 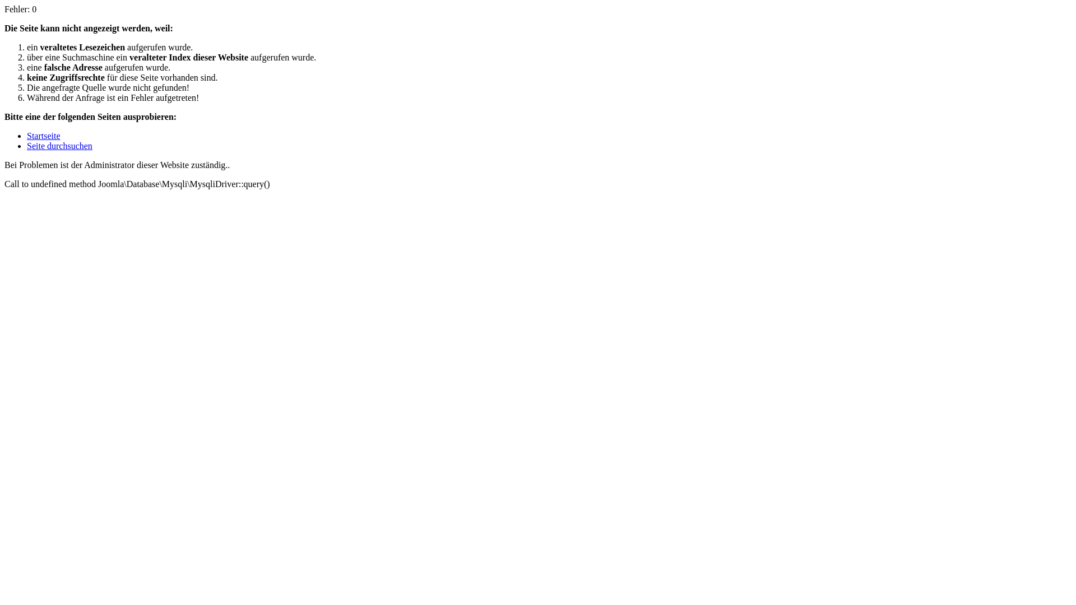 What do you see at coordinates (59, 145) in the screenshot?
I see `'Seite durchsuchen'` at bounding box center [59, 145].